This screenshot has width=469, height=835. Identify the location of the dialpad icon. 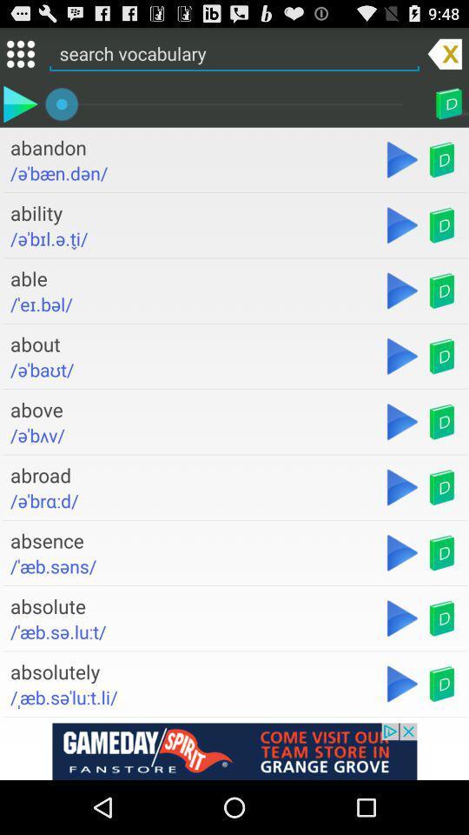
(19, 57).